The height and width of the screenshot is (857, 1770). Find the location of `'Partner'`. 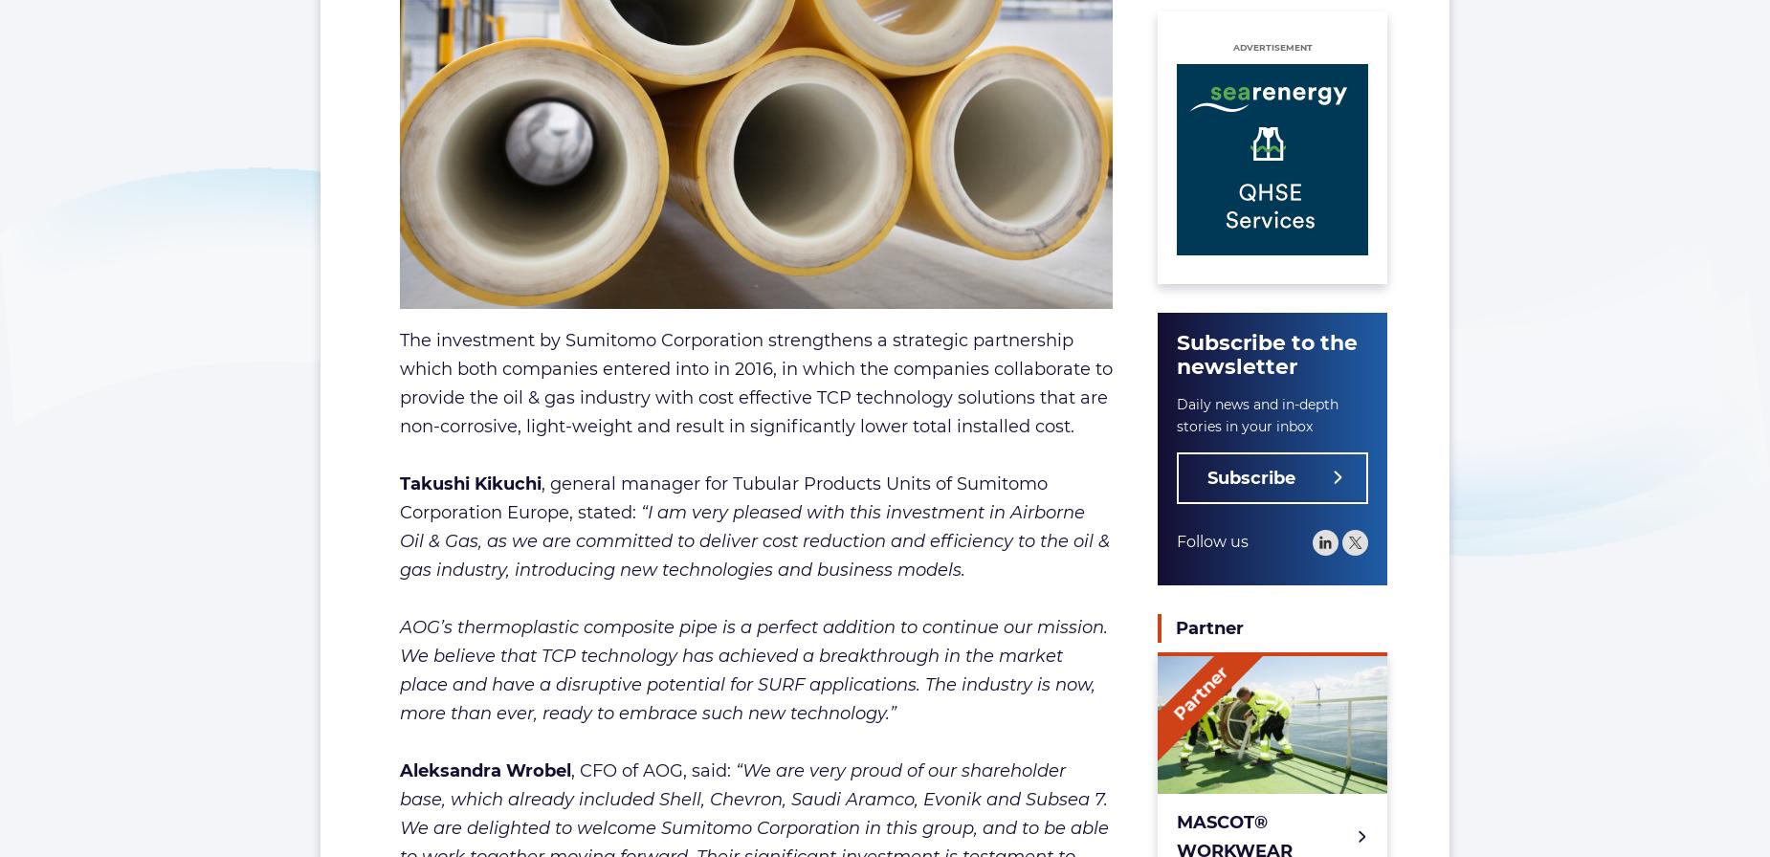

'Partner' is located at coordinates (1208, 628).